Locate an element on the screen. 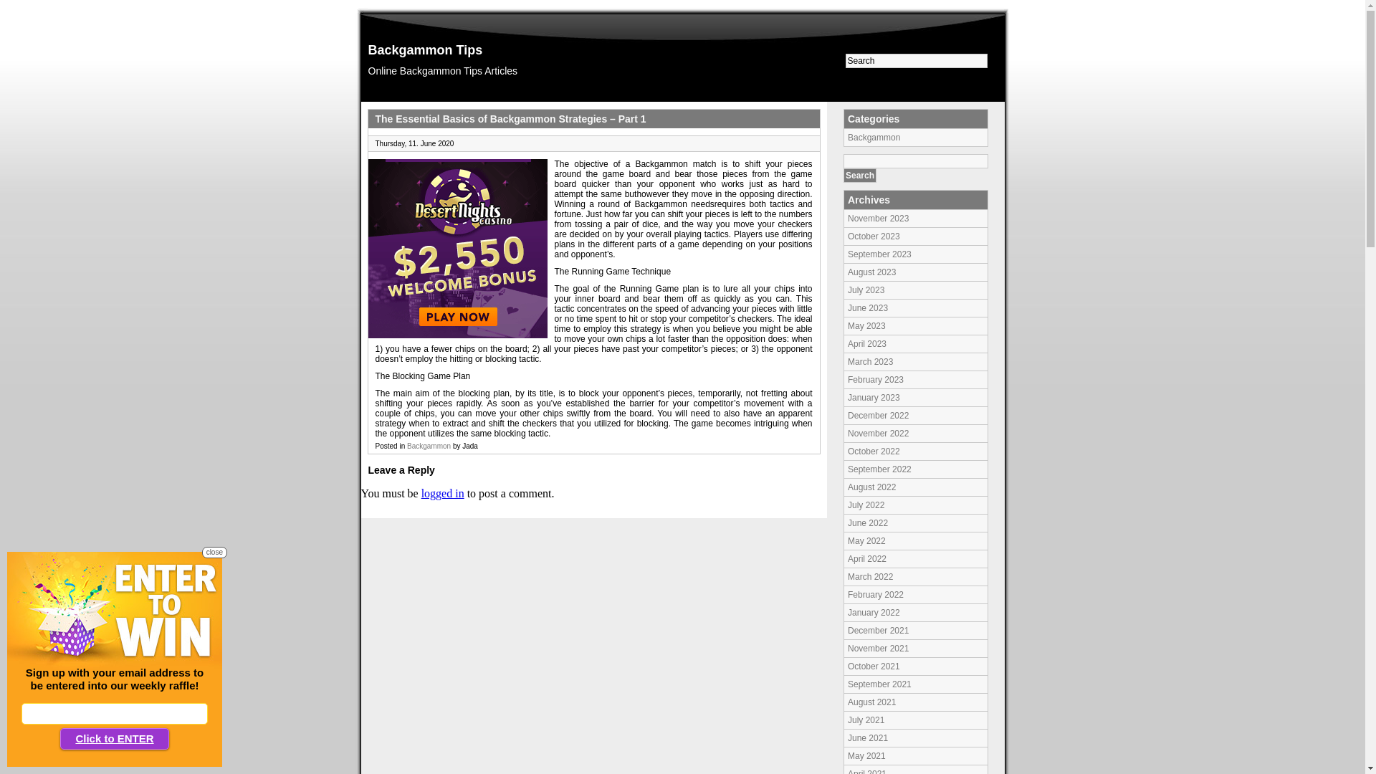 The image size is (1376, 774). 'August 2023' is located at coordinates (871, 272).